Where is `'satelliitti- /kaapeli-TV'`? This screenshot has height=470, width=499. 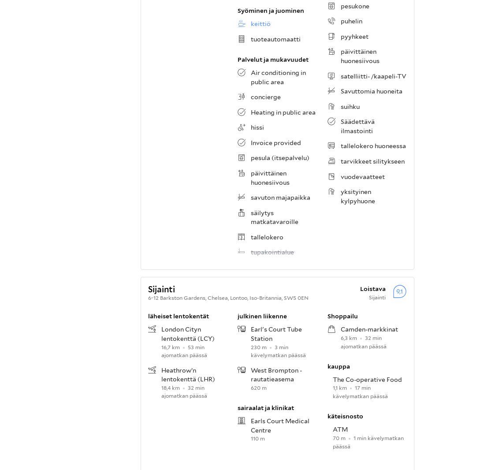 'satelliitti- /kaapeli-TV' is located at coordinates (340, 75).